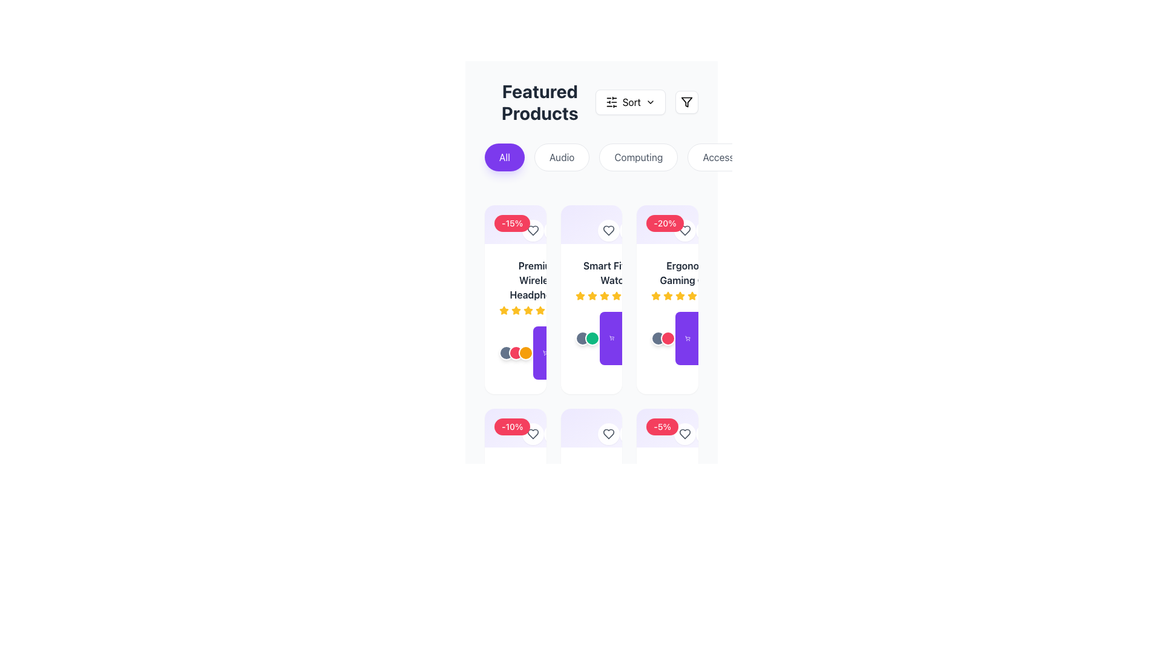  I want to click on the graphical representation of the sixth star icon in the rating system, which visually indicates a quality rating of 4.5 for the product, so click(539, 310).